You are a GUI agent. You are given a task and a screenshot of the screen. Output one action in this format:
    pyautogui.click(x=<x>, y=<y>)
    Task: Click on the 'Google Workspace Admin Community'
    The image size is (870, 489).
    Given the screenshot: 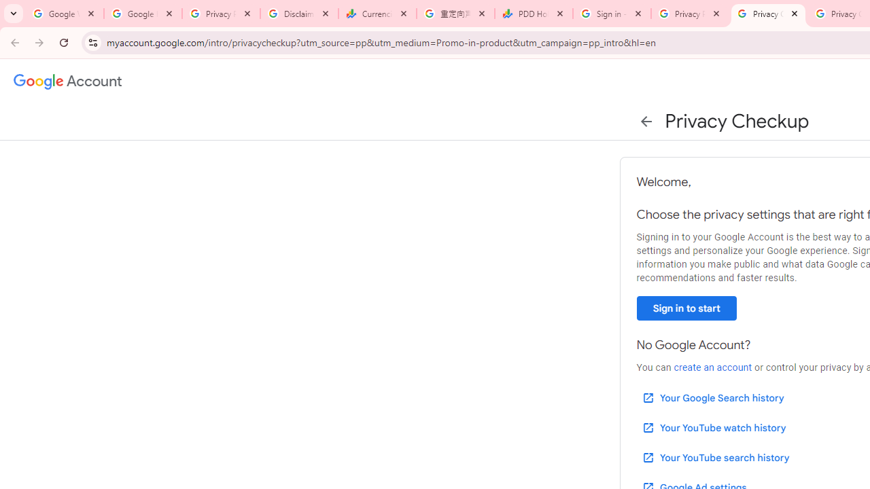 What is the action you would take?
    pyautogui.click(x=64, y=14)
    